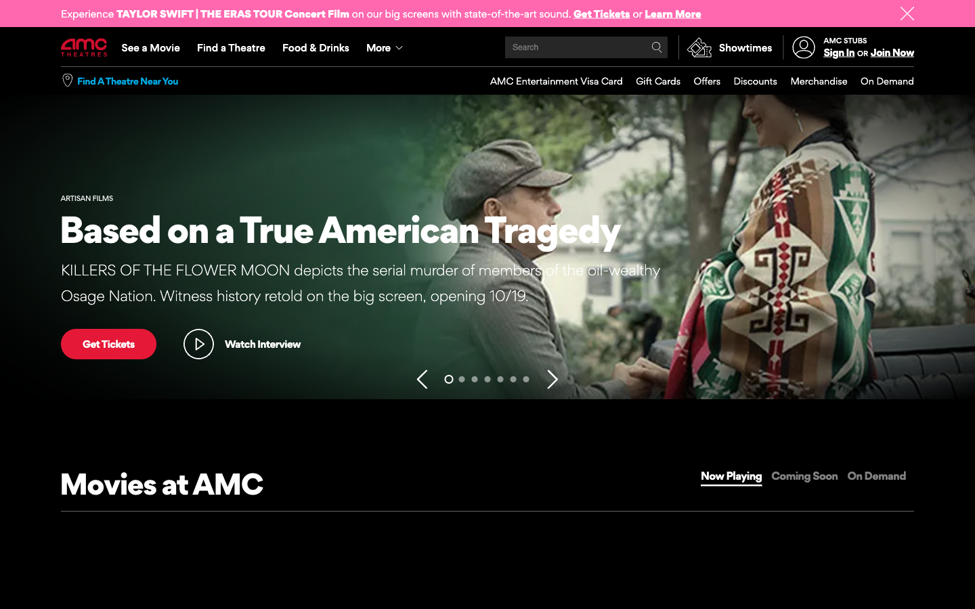  I want to click on video trailer followed by a quick pause, so click(242, 343).